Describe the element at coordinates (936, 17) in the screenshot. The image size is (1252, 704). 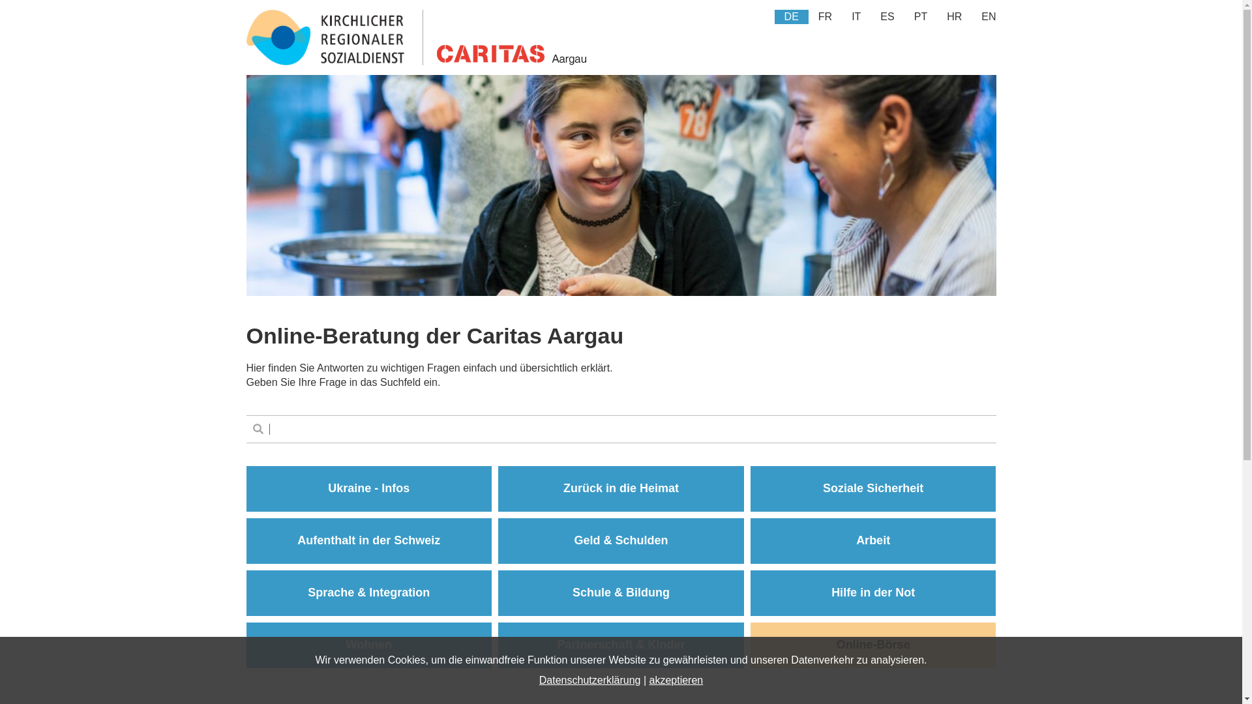
I see `'HR'` at that location.